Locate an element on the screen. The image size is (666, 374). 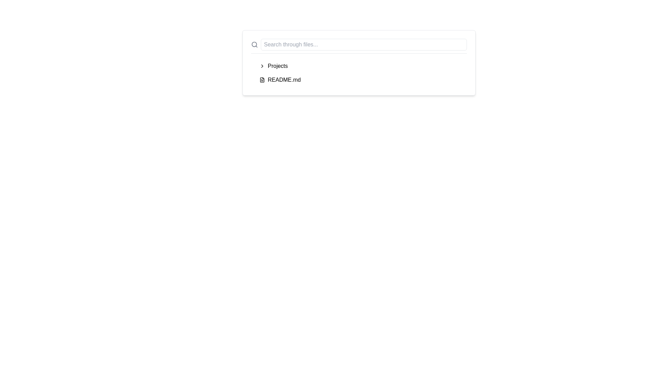
the Search Icon, which resembles a magnifying glass and is positioned on the left side of the search input field is located at coordinates (254, 44).